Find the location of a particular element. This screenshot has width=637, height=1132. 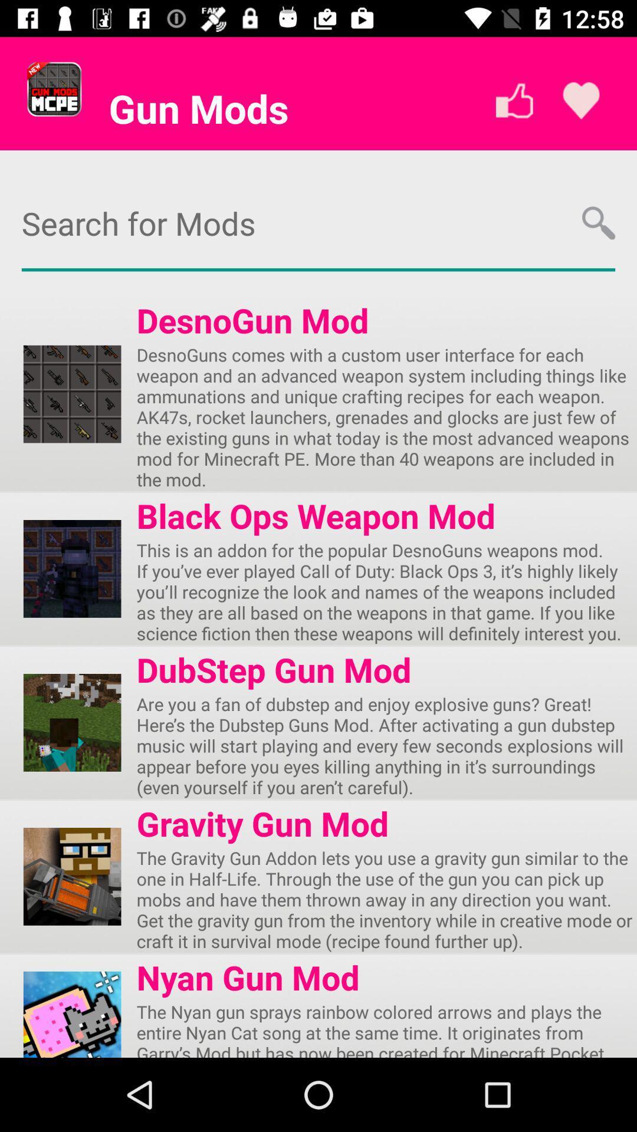

the icon above black ops weapon app is located at coordinates (386, 417).